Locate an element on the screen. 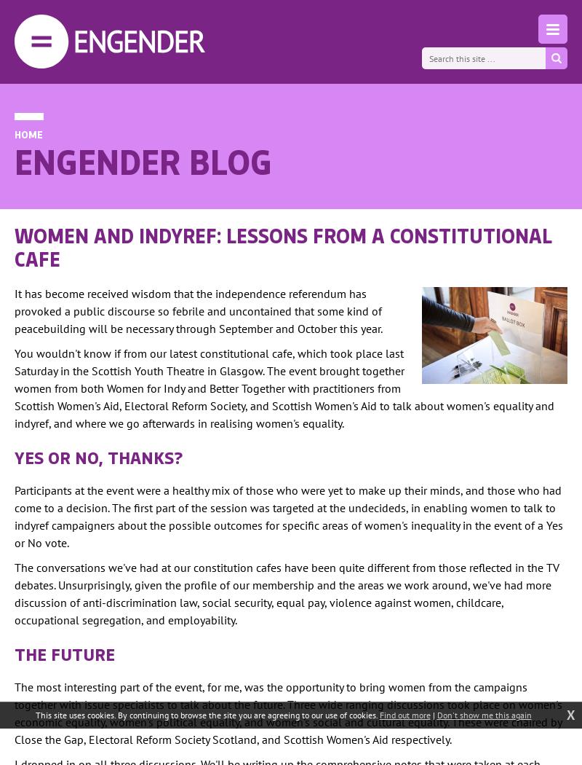  'You wouldn't know if from our latest constitutional cafe, which took place last Saturday in the Scottish Youth Theatre in Glasgow. The event brought together women from both Women for Indy and Better Together with practitioners from Scottish Women's Aid, Electoral Reform Society, and Scottish Women's Aid to talk about women's equality and indyref, and where we go afterwards in realising women's equality.' is located at coordinates (284, 388).